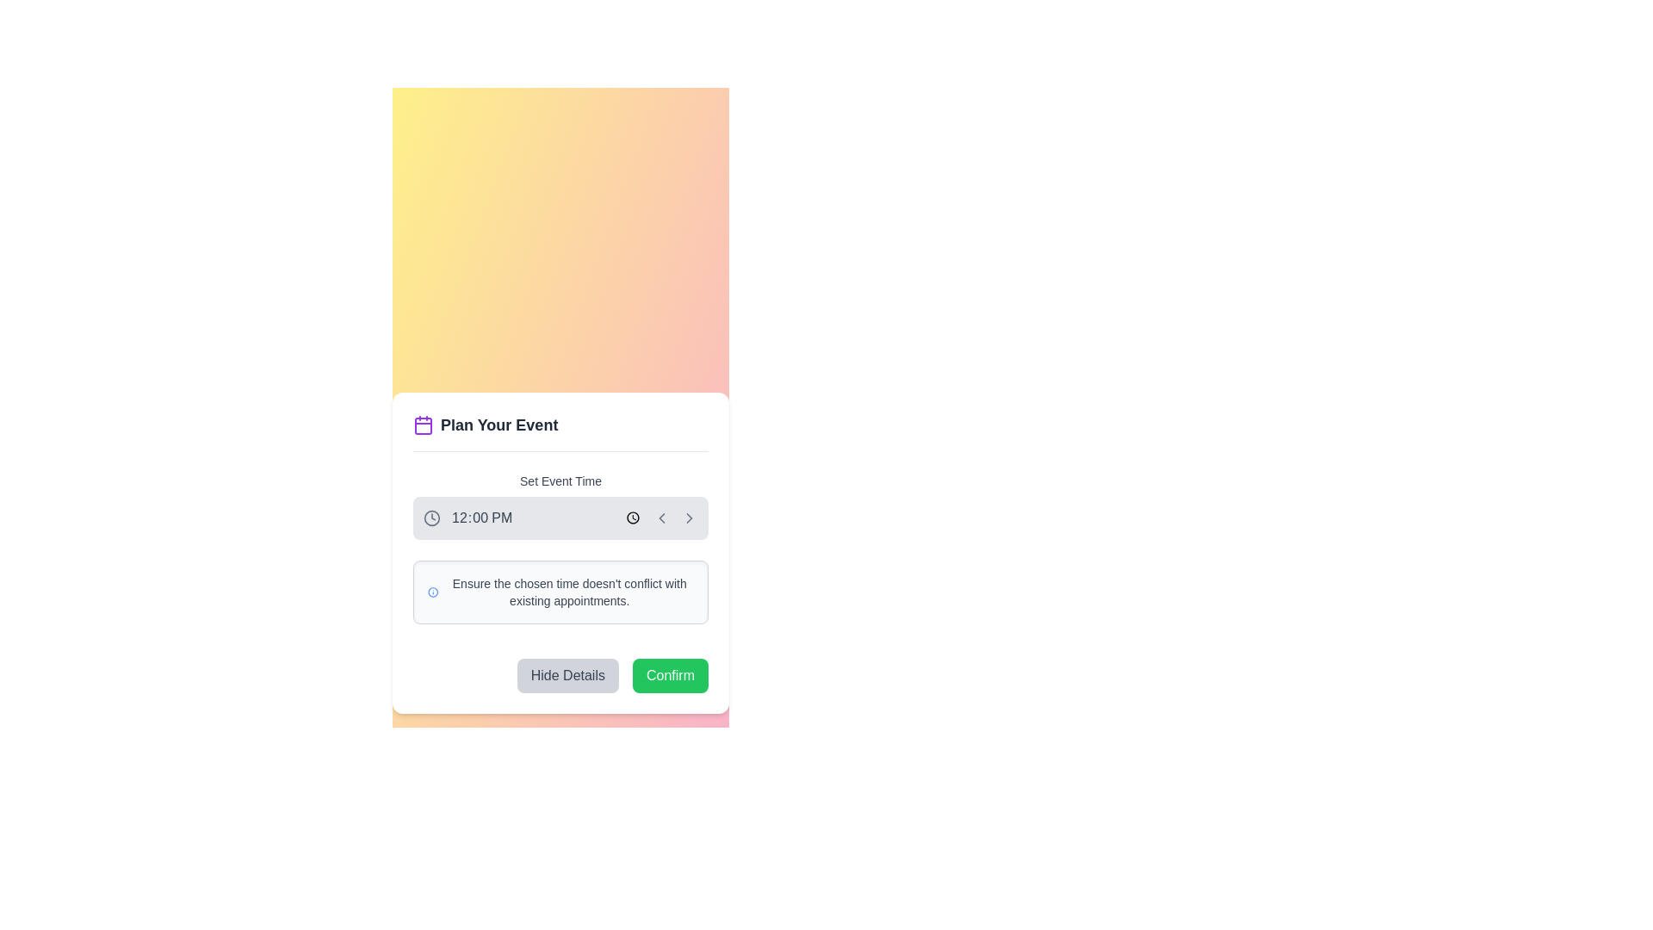 The width and height of the screenshot is (1653, 930). What do you see at coordinates (690, 517) in the screenshot?
I see `the chevron button located to the right of the time input field labeled '12:00 PM'` at bounding box center [690, 517].